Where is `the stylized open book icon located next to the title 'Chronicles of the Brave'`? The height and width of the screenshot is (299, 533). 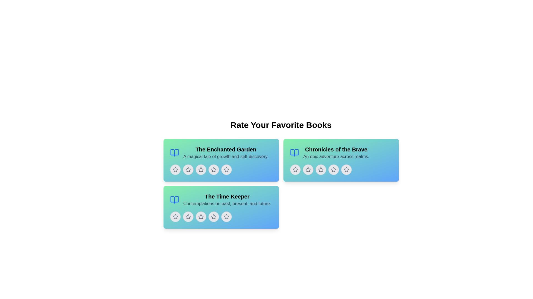 the stylized open book icon located next to the title 'Chronicles of the Brave' is located at coordinates (294, 153).